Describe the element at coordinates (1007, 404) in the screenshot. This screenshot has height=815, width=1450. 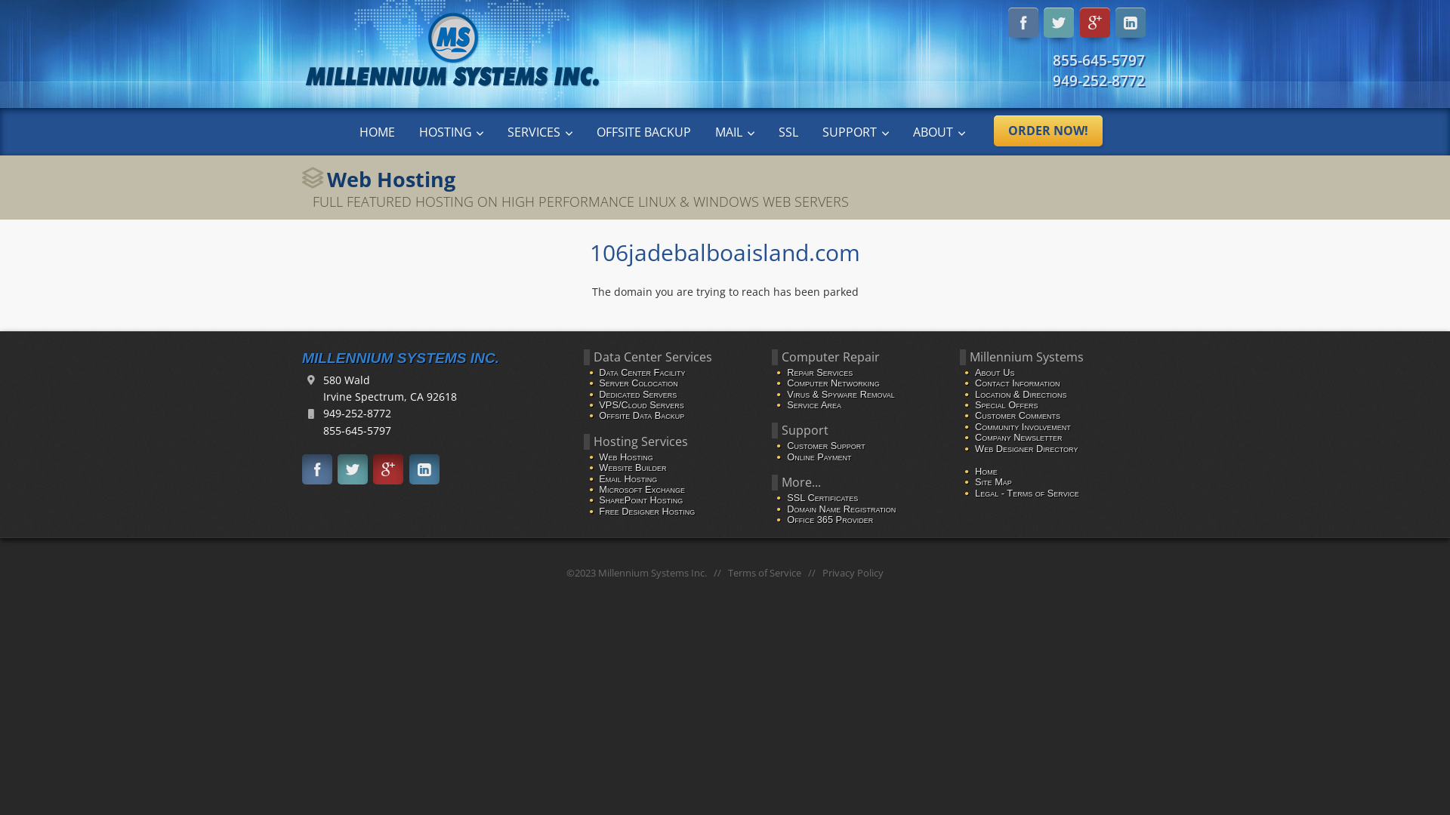
I see `'Special Offers'` at that location.